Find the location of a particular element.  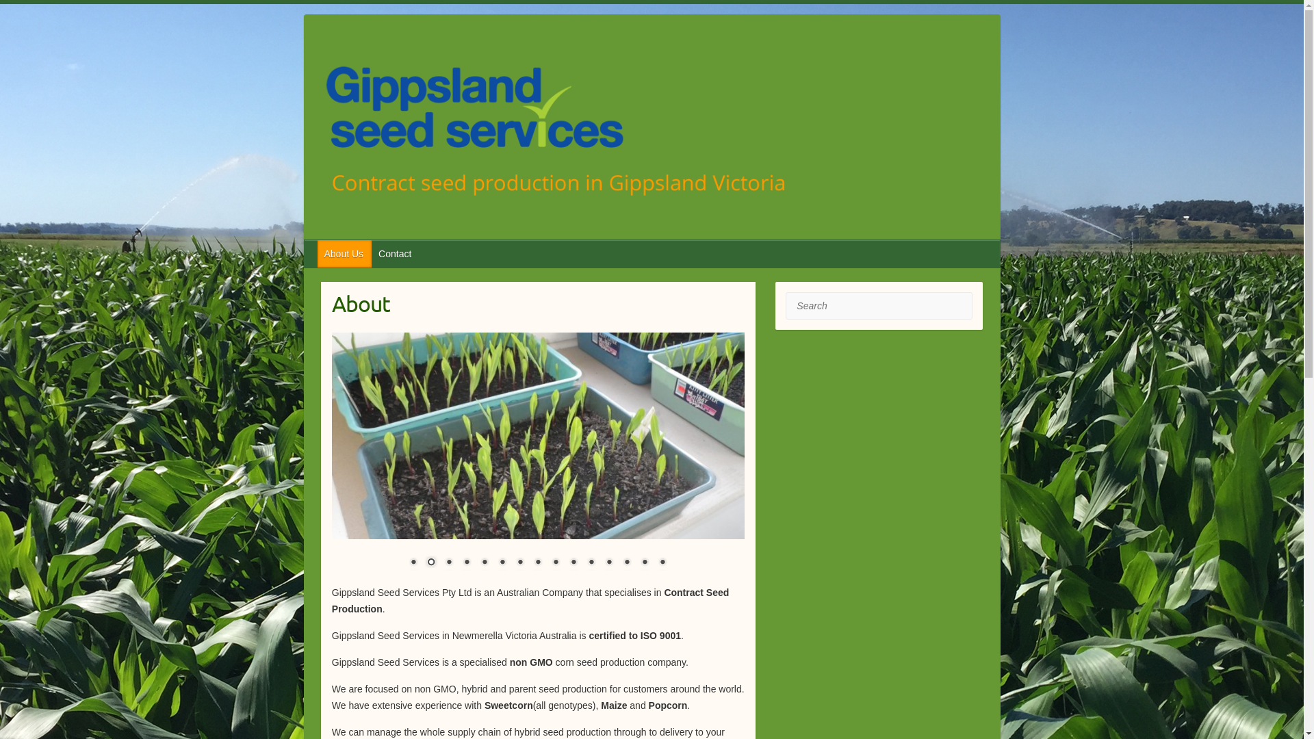

'Gippsland Seed Services' is located at coordinates (317, 131).